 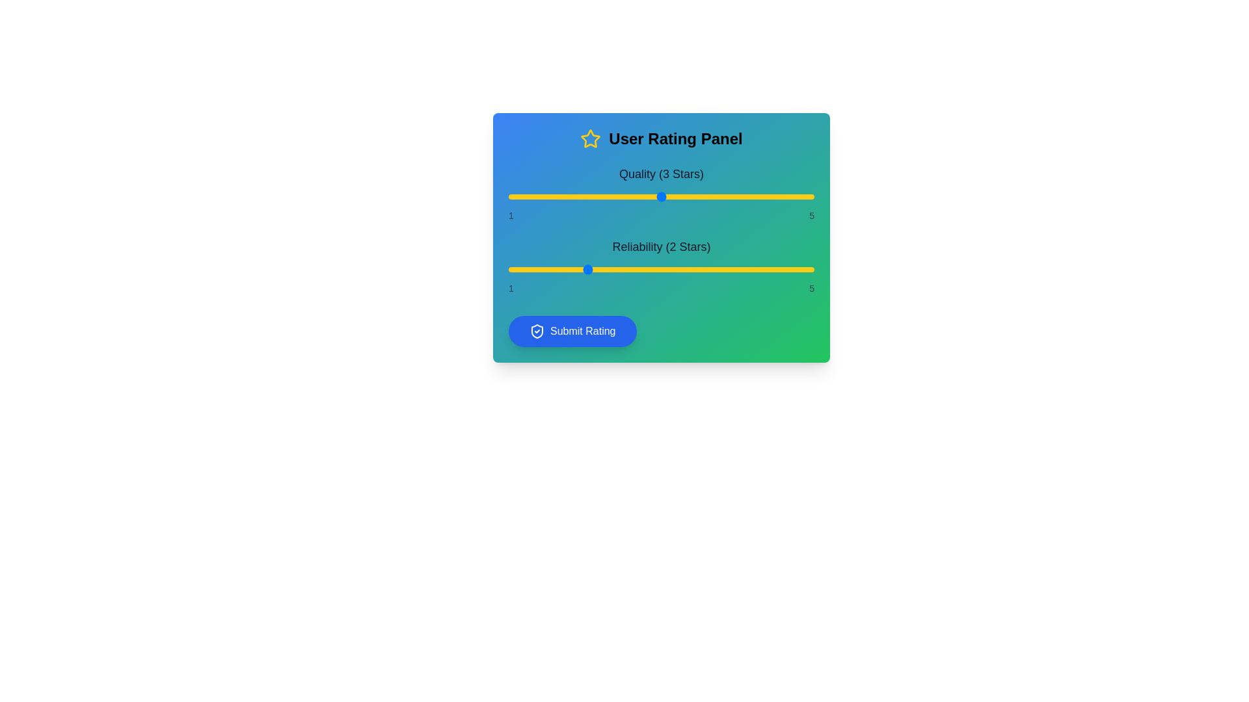 I want to click on the 'Reliability' slider to 4 stars, so click(x=738, y=269).